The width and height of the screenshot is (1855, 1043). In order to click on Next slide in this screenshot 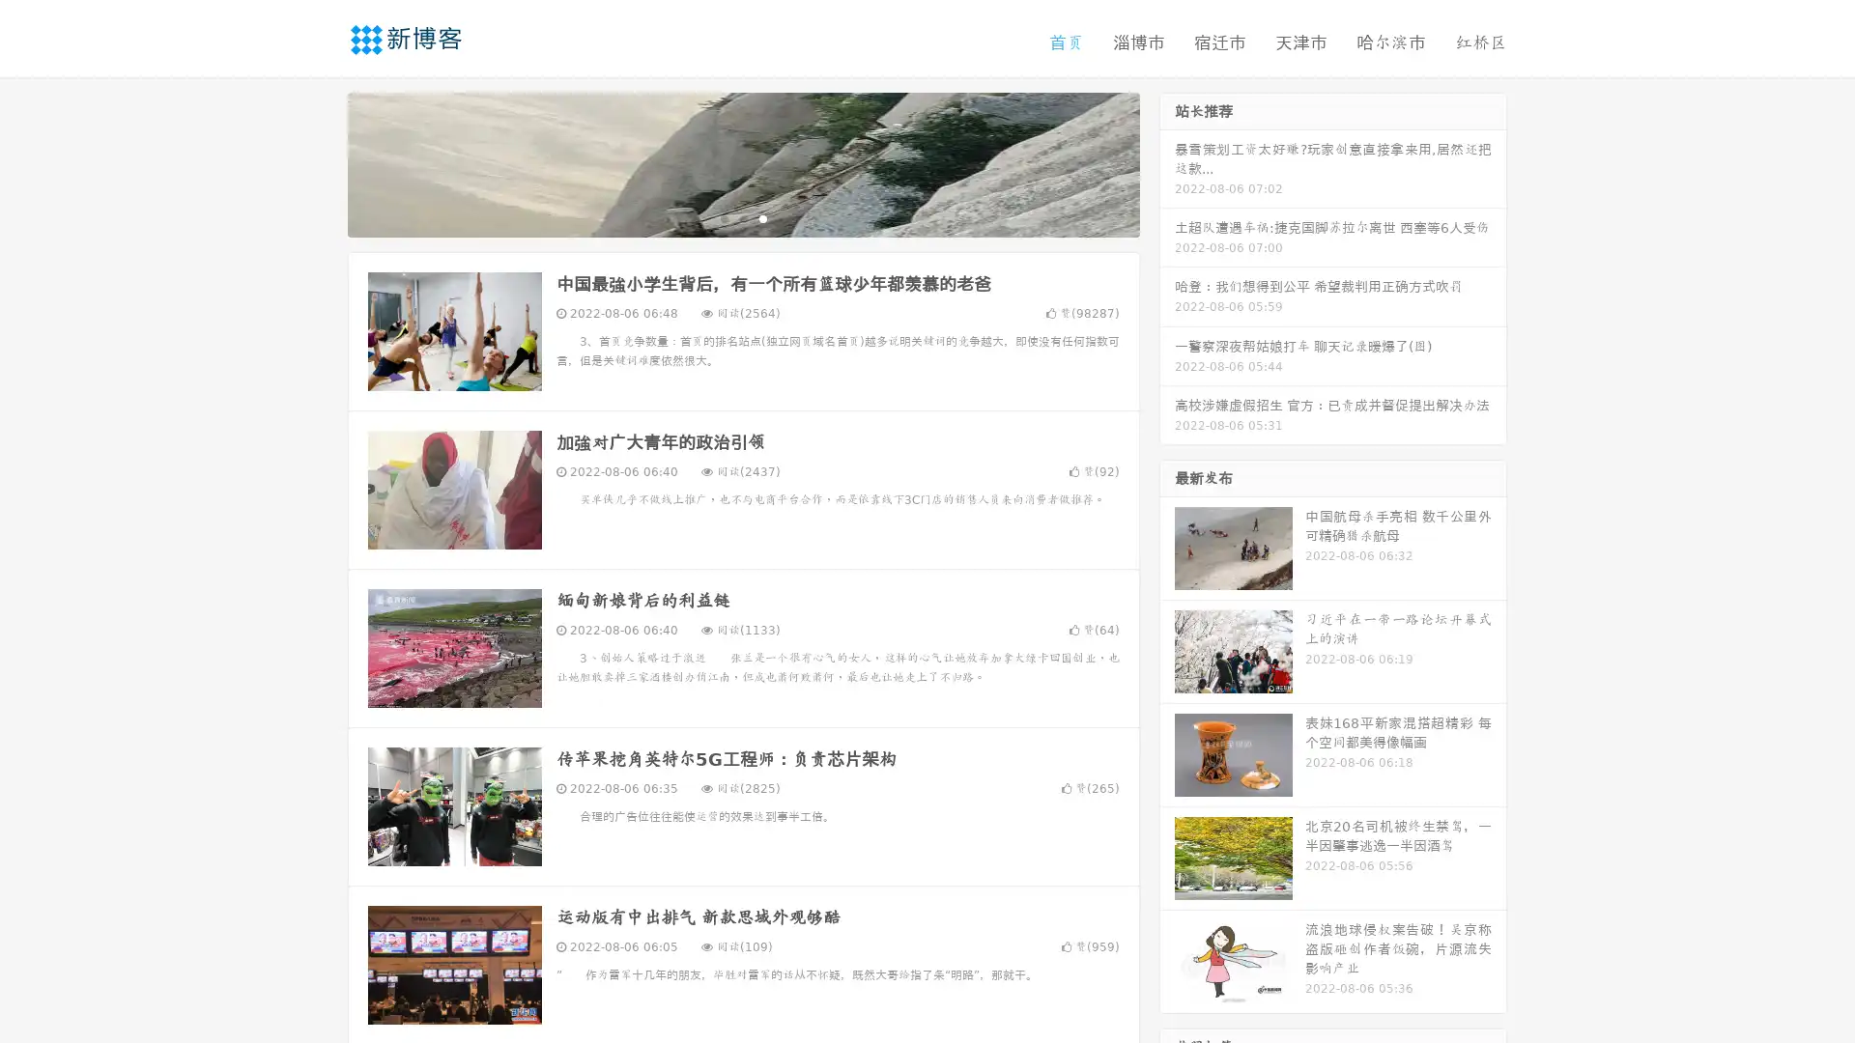, I will do `click(1167, 162)`.